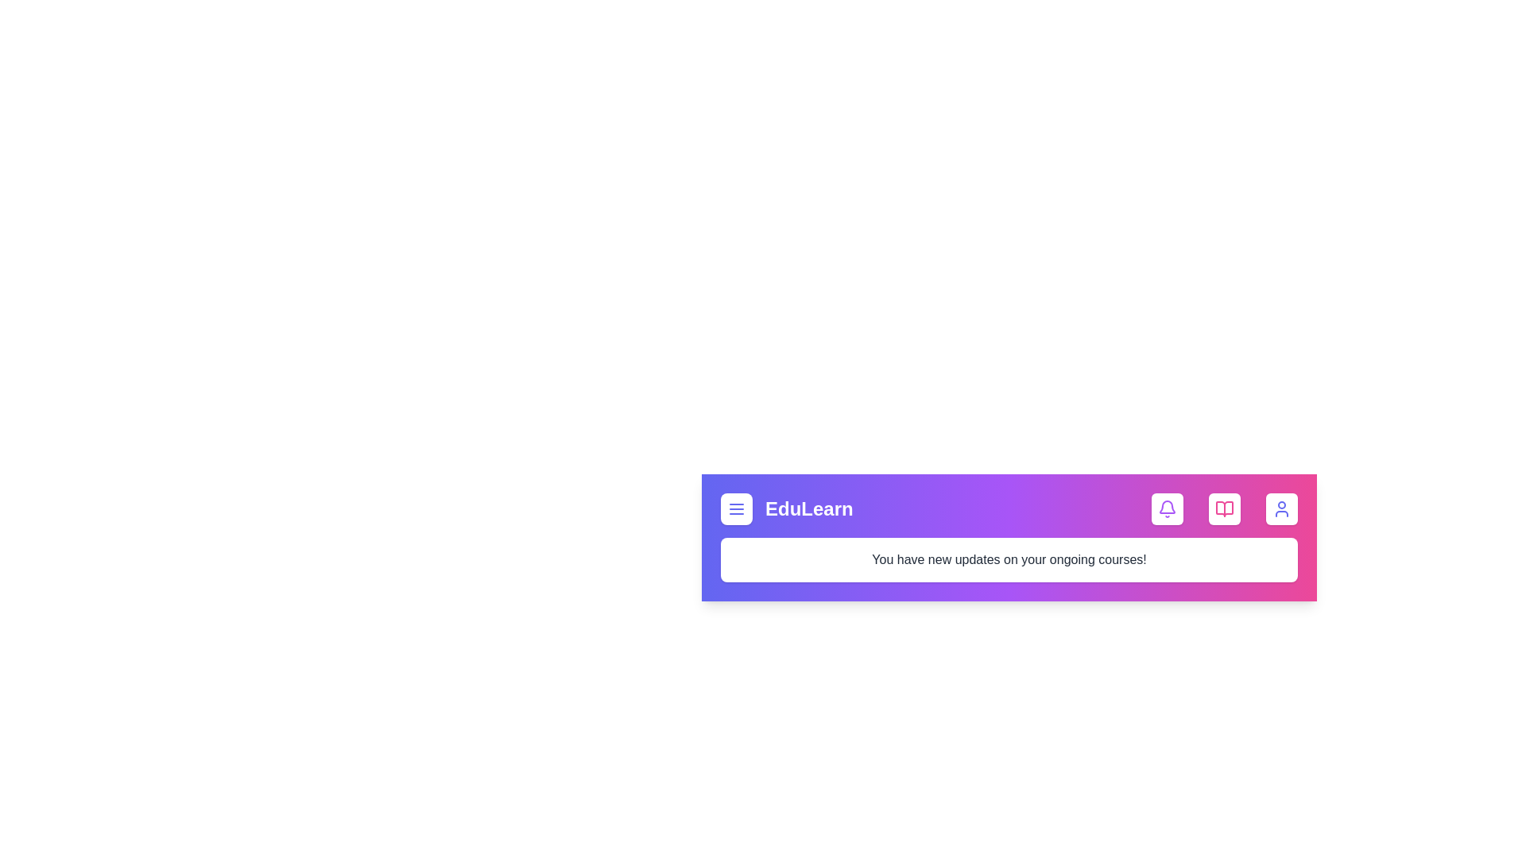 Image resolution: width=1526 pixels, height=858 pixels. What do you see at coordinates (1167, 508) in the screenshot?
I see `bell icon to view notifications` at bounding box center [1167, 508].